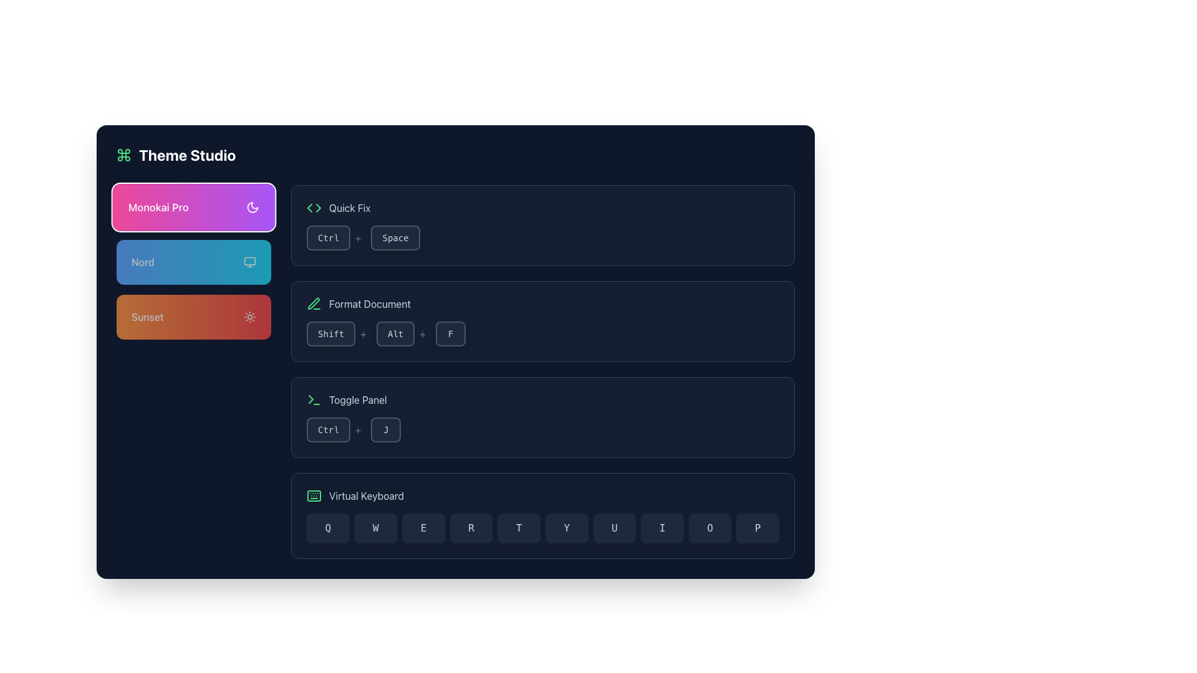 Image resolution: width=1197 pixels, height=673 pixels. What do you see at coordinates (310, 208) in the screenshot?
I see `the left-facing triangular segment of the SVG icon located in the header section next to the text 'Theme Studio'` at bounding box center [310, 208].